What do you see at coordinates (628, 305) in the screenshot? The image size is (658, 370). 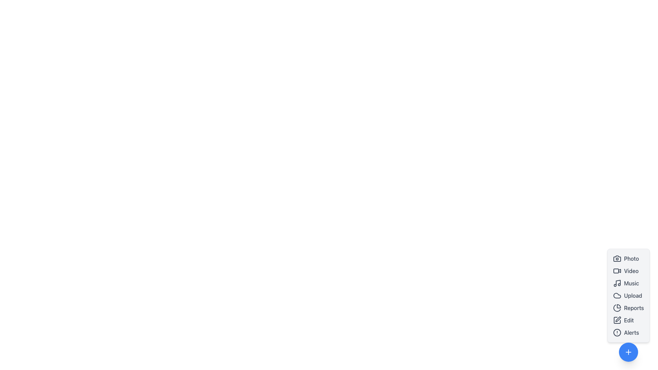 I see `the 'Reports' interactive text button with a pie chart icon located in the sidebar` at bounding box center [628, 305].